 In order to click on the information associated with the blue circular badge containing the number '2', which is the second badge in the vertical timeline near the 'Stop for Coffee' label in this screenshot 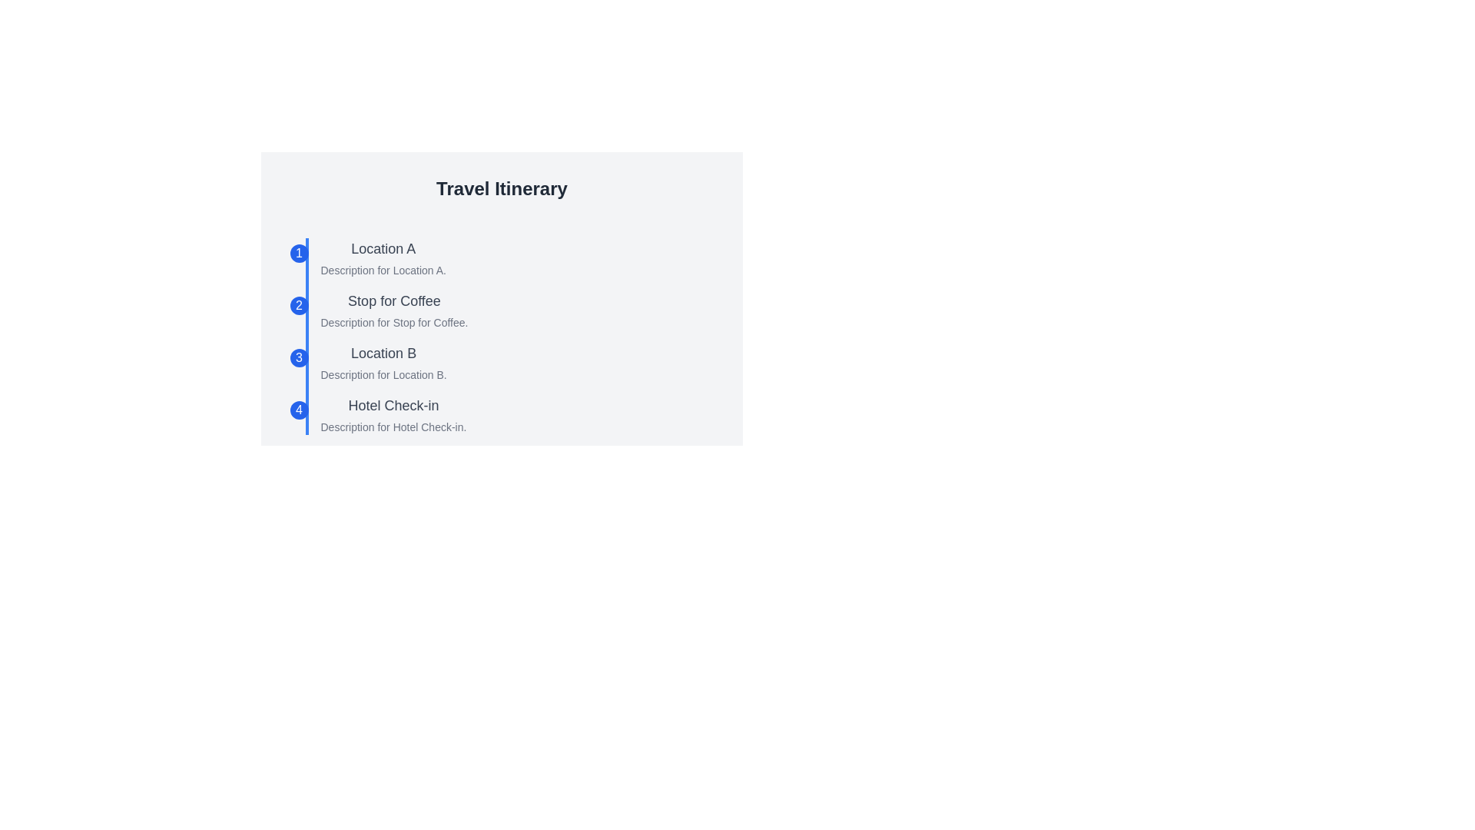, I will do `click(299, 305)`.